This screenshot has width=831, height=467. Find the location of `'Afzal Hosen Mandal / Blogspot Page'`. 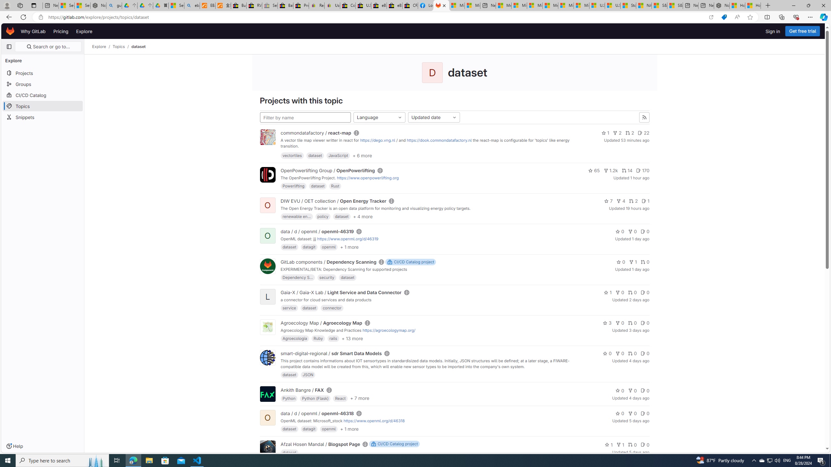

'Afzal Hosen Mandal / Blogspot Page' is located at coordinates (320, 443).